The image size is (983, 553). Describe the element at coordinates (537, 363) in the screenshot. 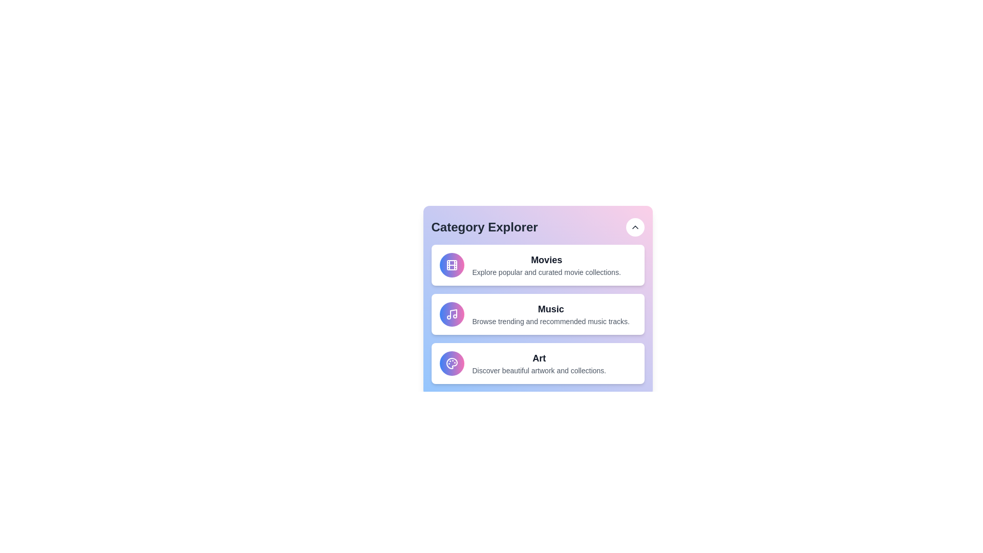

I see `the 'Art' category list item` at that location.